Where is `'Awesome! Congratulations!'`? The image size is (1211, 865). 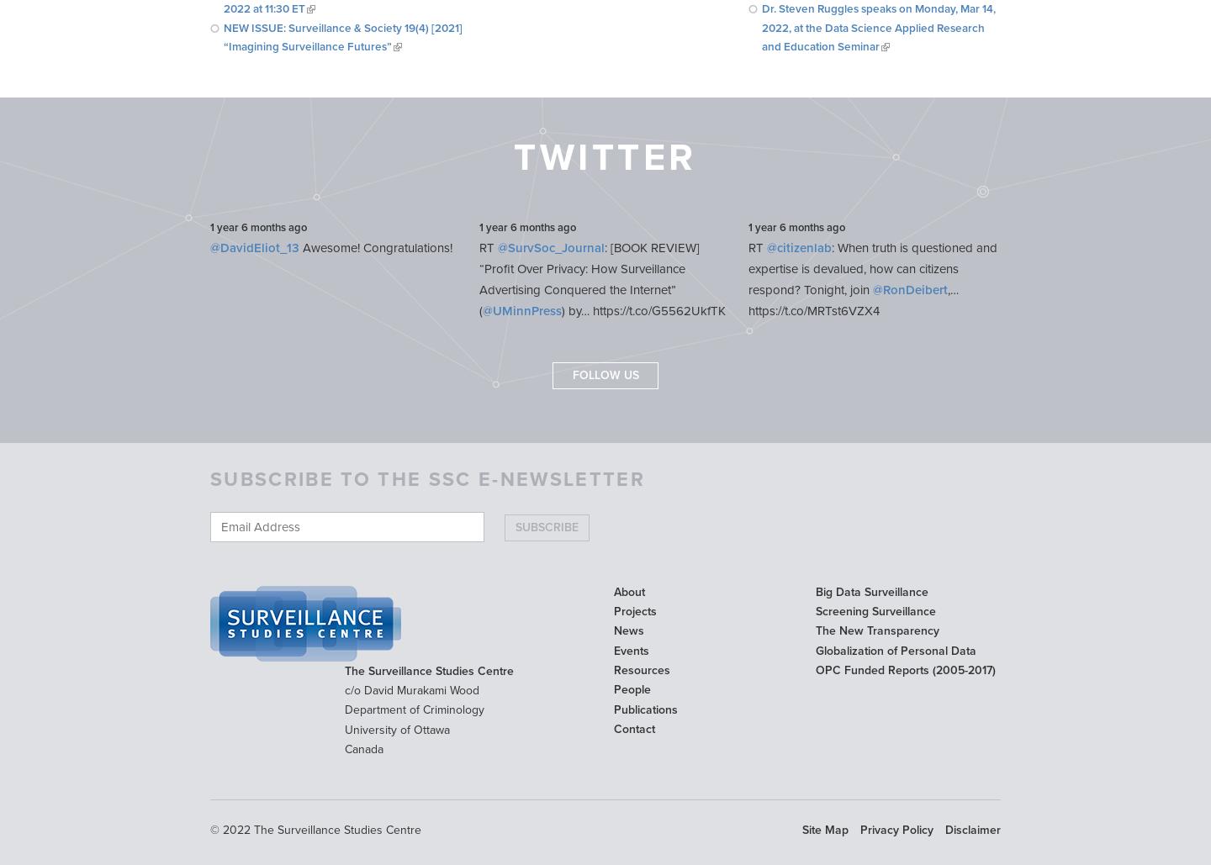
'Awesome! Congratulations!' is located at coordinates (375, 248).